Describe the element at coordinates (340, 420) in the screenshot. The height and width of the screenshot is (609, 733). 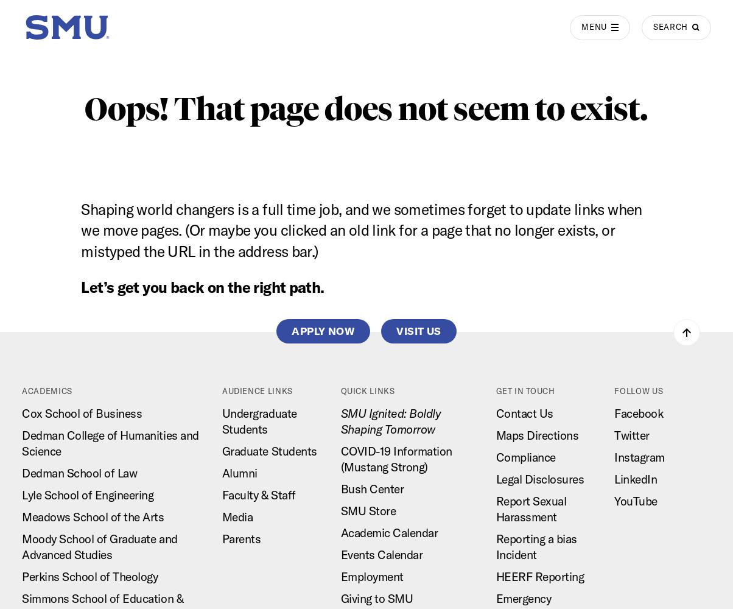
I see `'SMU Ignited: Boldly Shaping Tomorrow'` at that location.